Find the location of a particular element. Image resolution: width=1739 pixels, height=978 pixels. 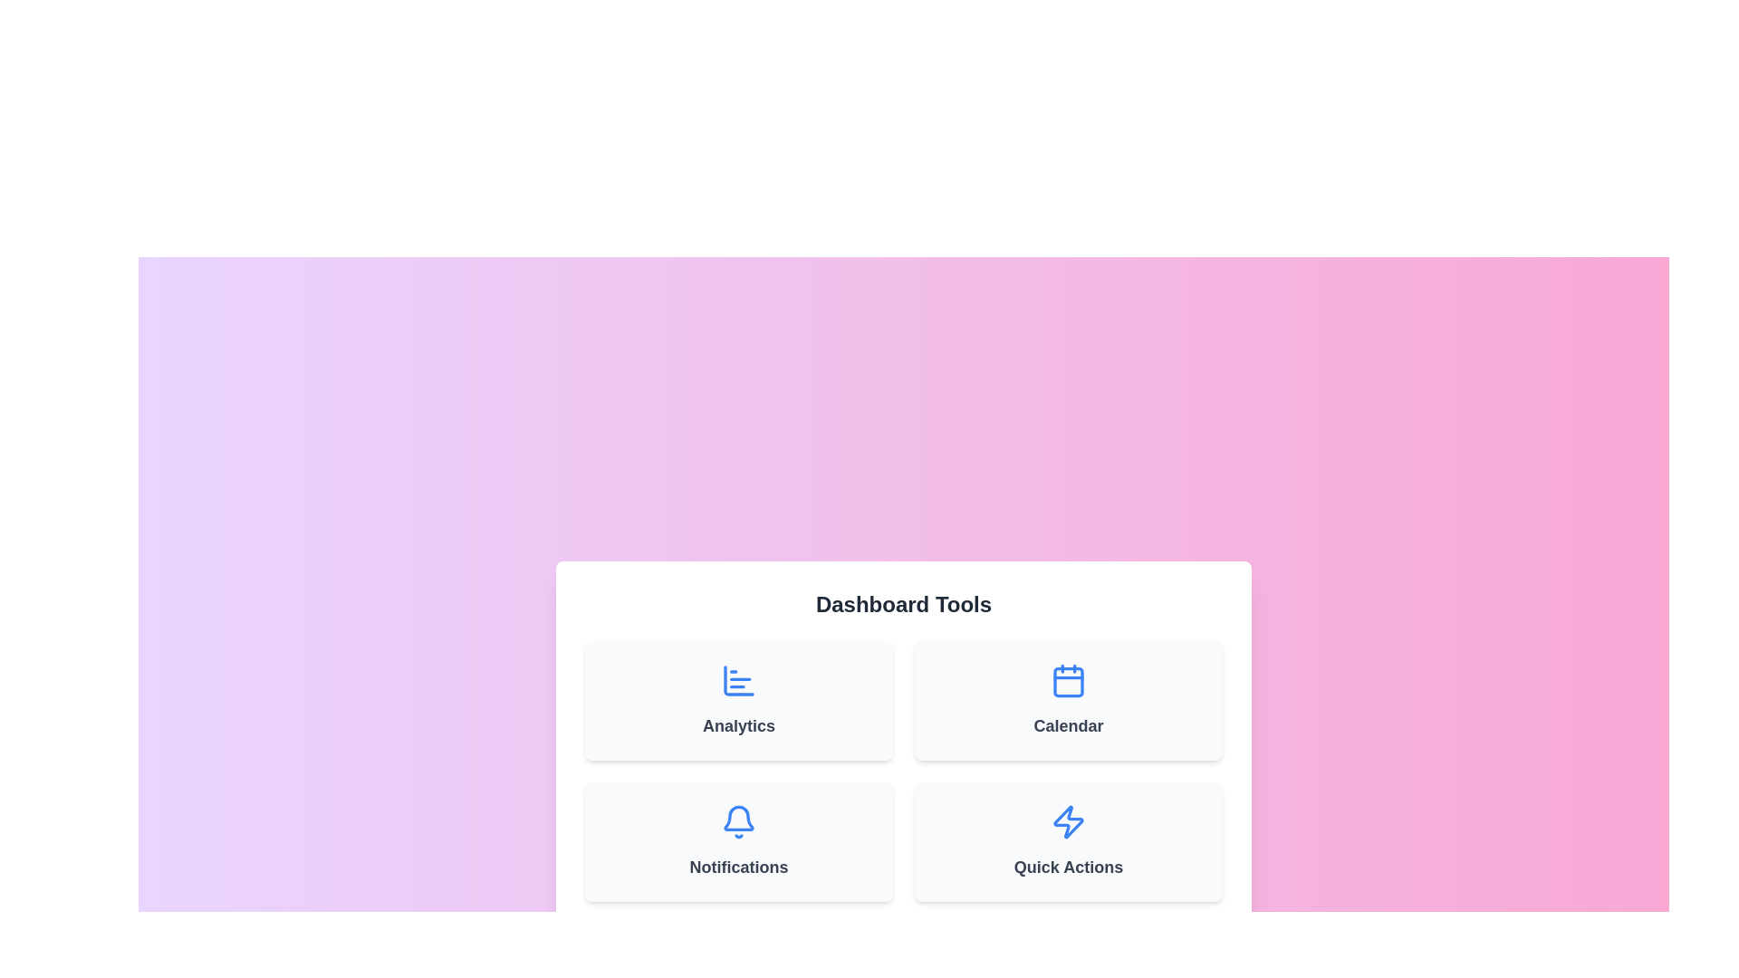

text from the Text Header indicating 'Dashboard Tools', which serves as a header for the section containing action cards is located at coordinates (904, 604).